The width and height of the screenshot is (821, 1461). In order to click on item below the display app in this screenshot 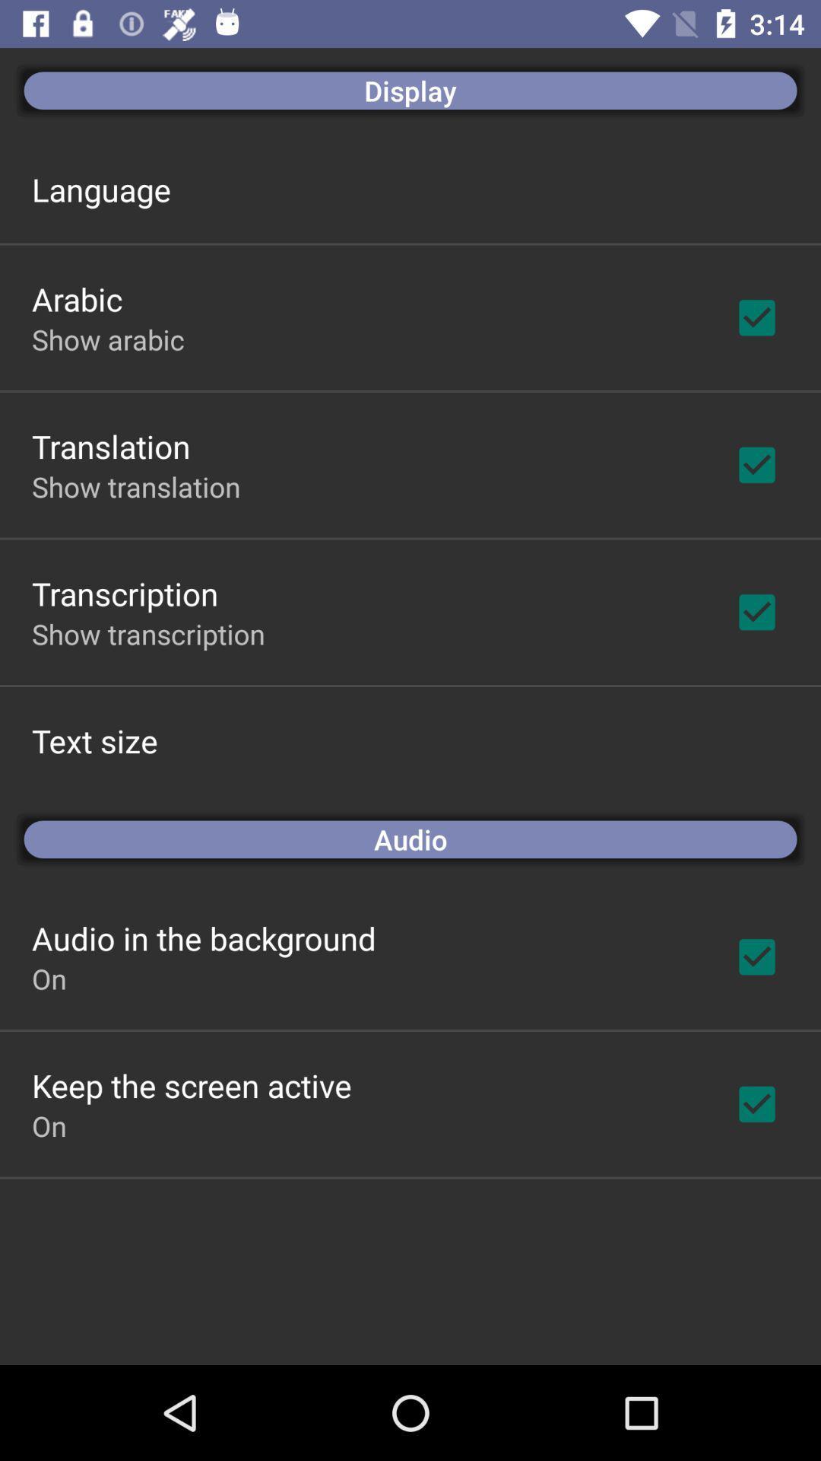, I will do `click(101, 189)`.